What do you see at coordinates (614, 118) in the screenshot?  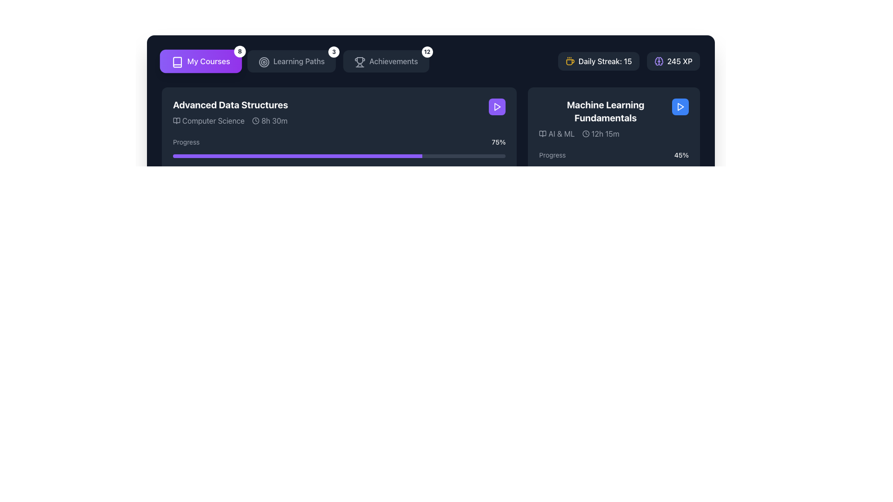 I see `the Course Card located at the top-right corner of the section` at bounding box center [614, 118].